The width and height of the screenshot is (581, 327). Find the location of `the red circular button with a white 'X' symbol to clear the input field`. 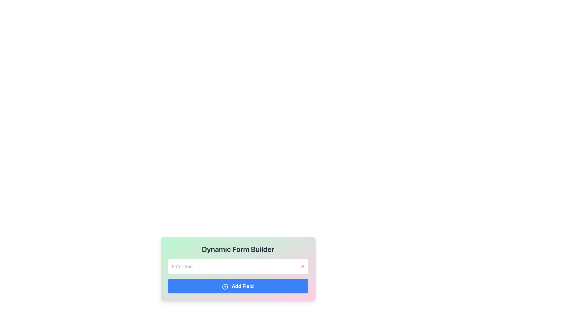

the red circular button with a white 'X' symbol to clear the input field is located at coordinates (303, 266).